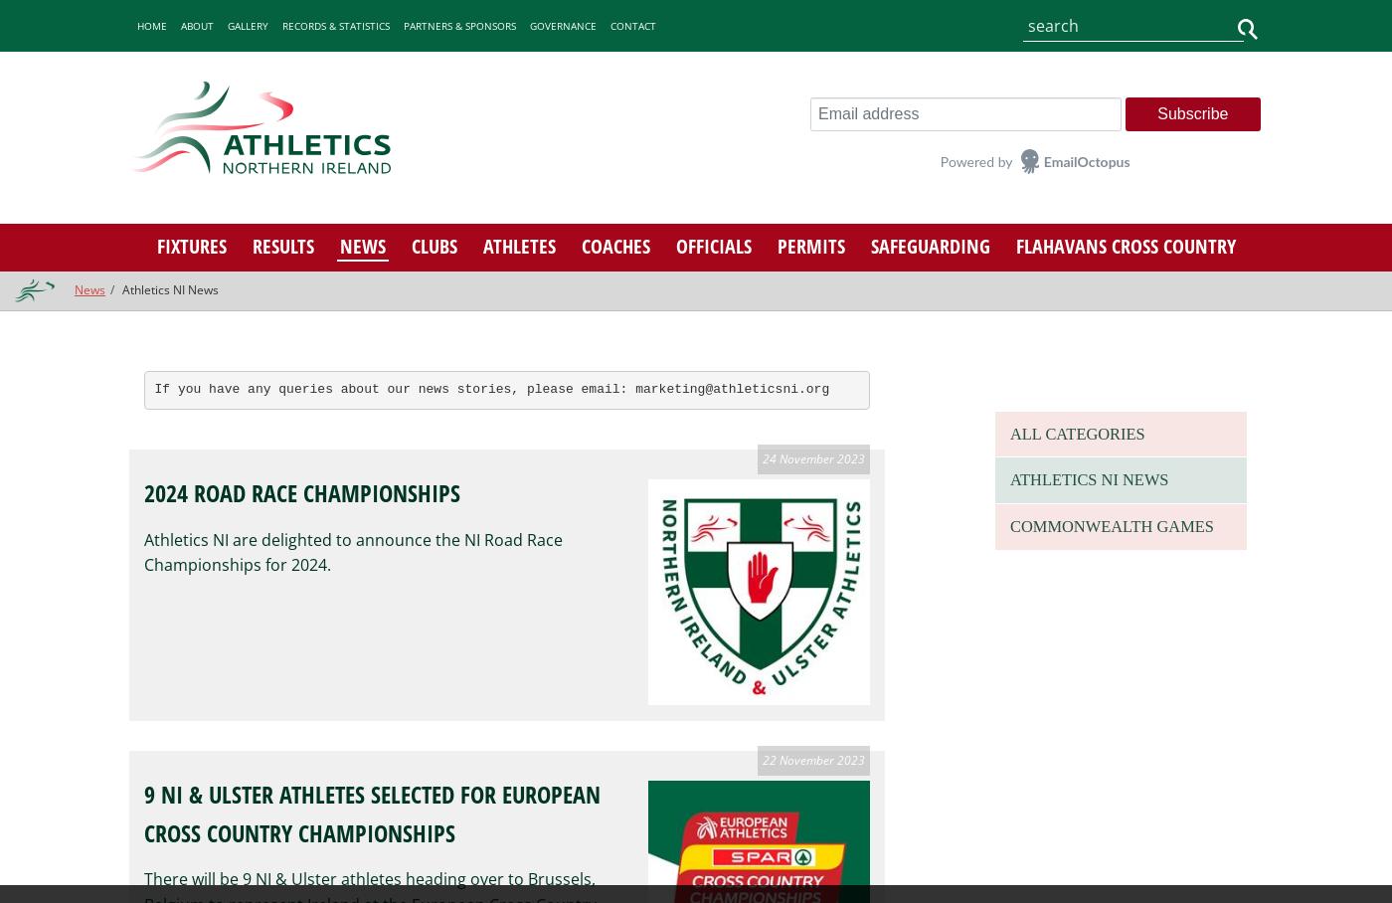 The width and height of the screenshot is (1392, 903). I want to click on 'All Categories', so click(1069, 433).